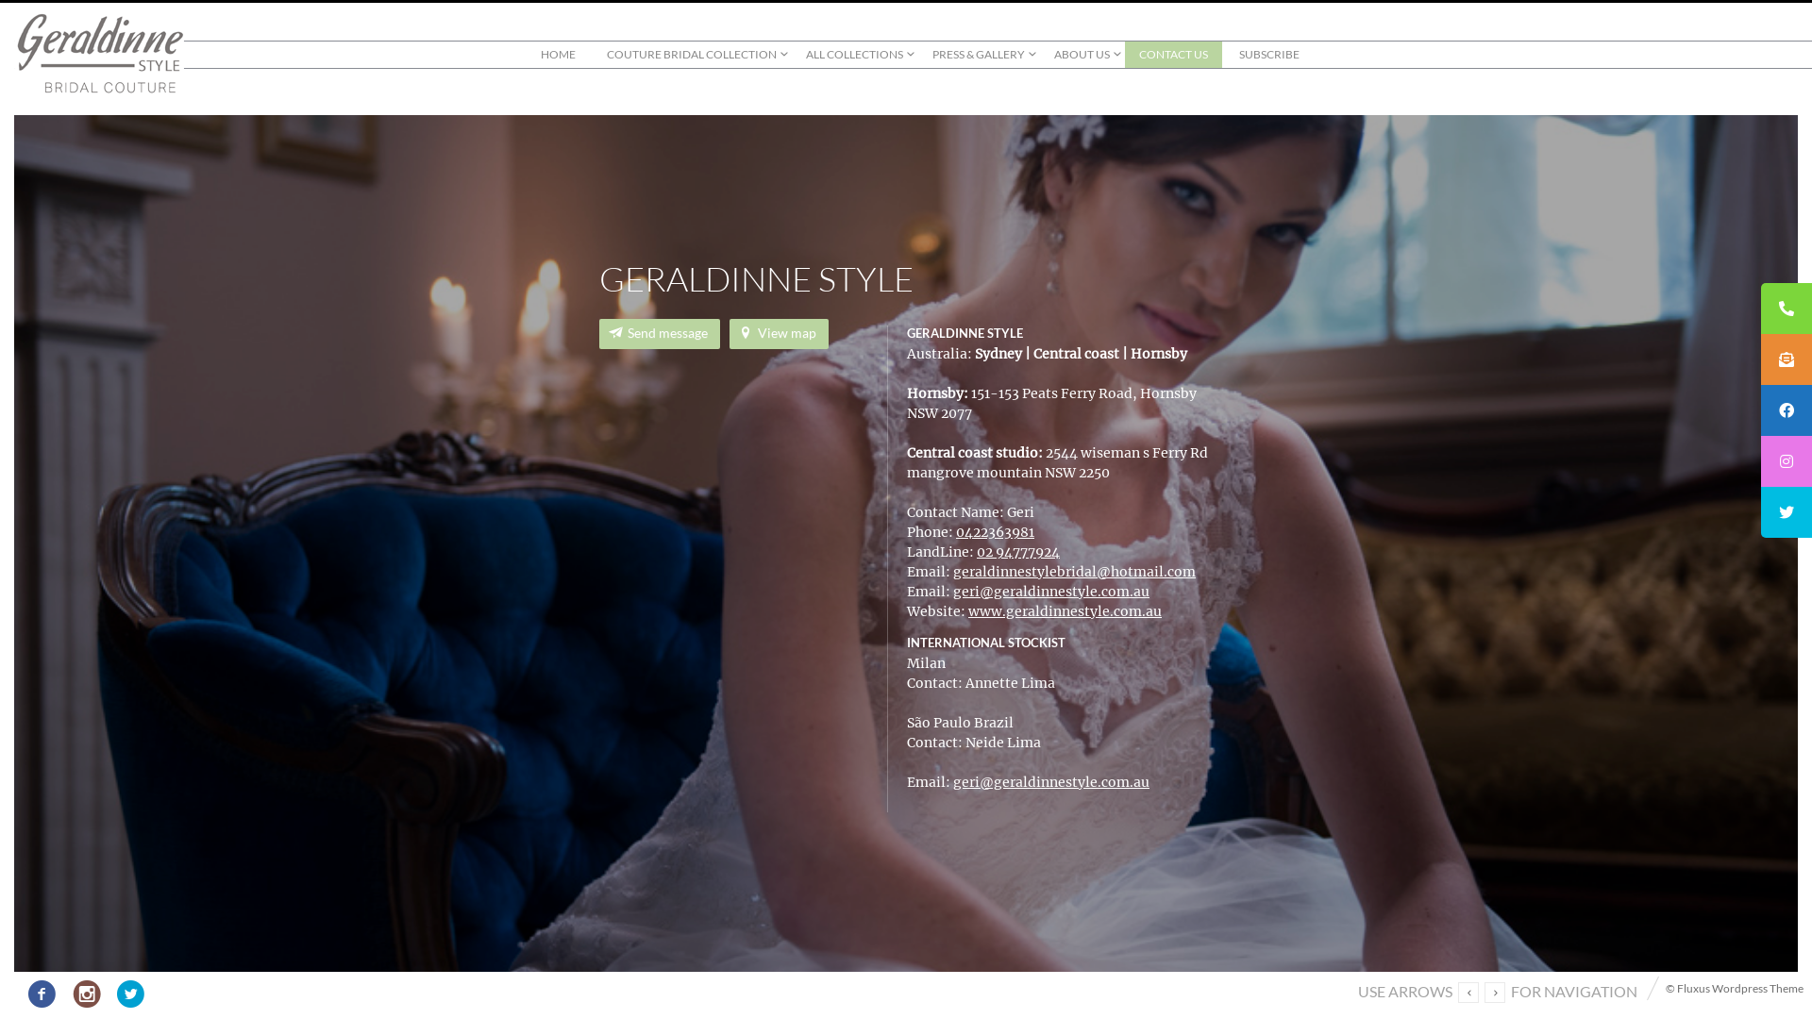 The width and height of the screenshot is (1812, 1019). I want to click on 'Connect on Instagram', so click(85, 990).